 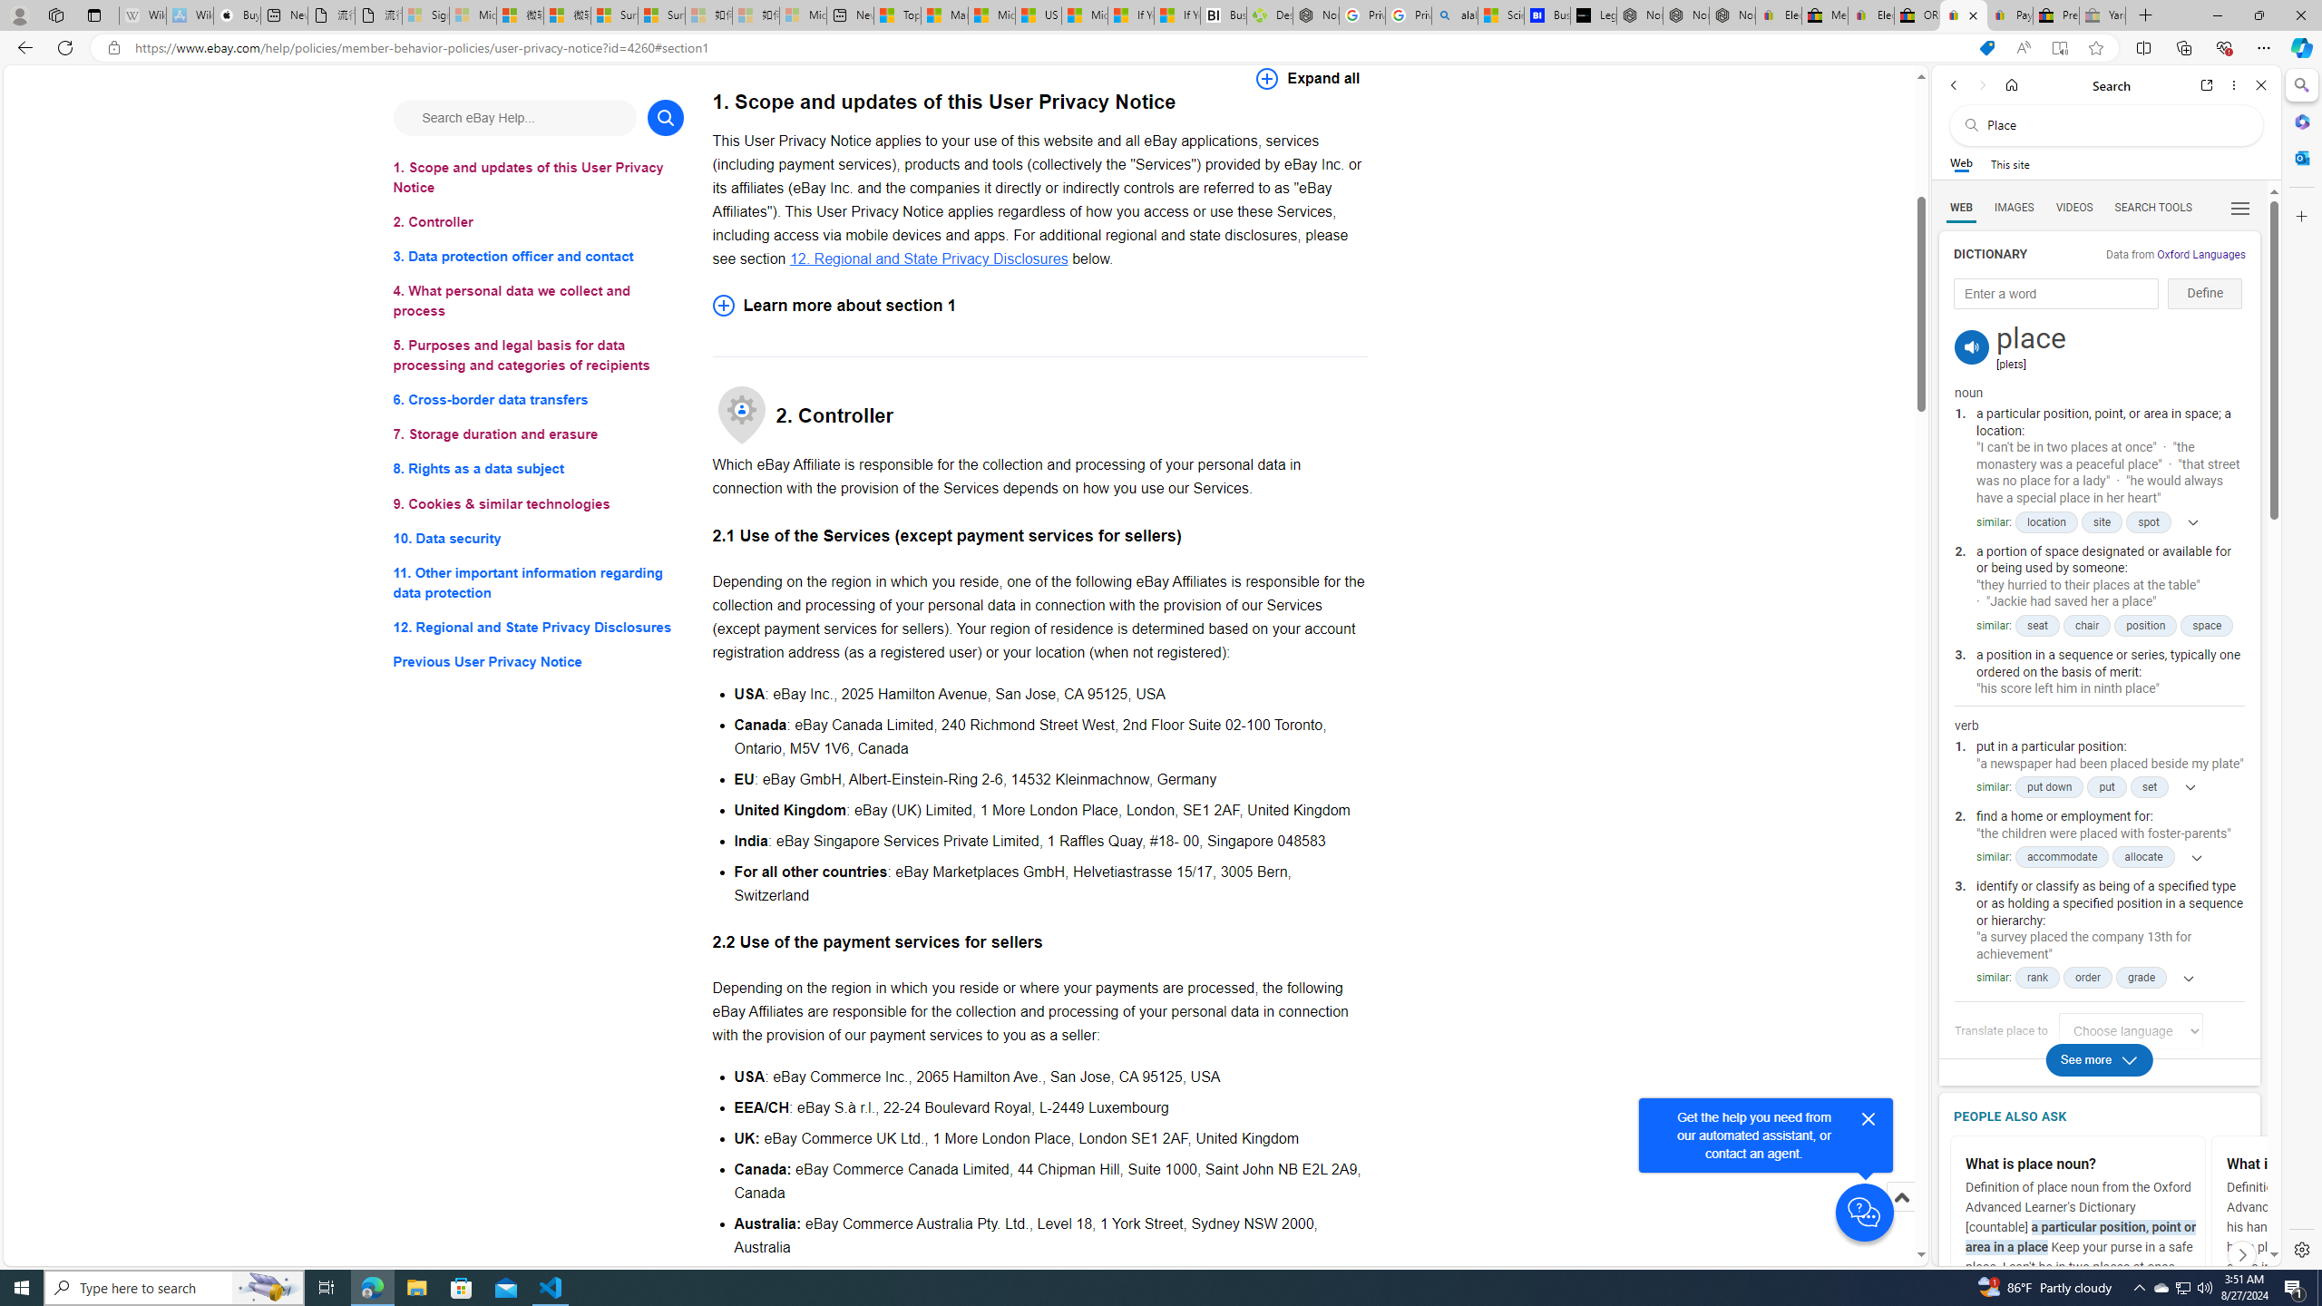 I want to click on 'Microsoft Services Agreement - Sleeping', so click(x=471, y=15).